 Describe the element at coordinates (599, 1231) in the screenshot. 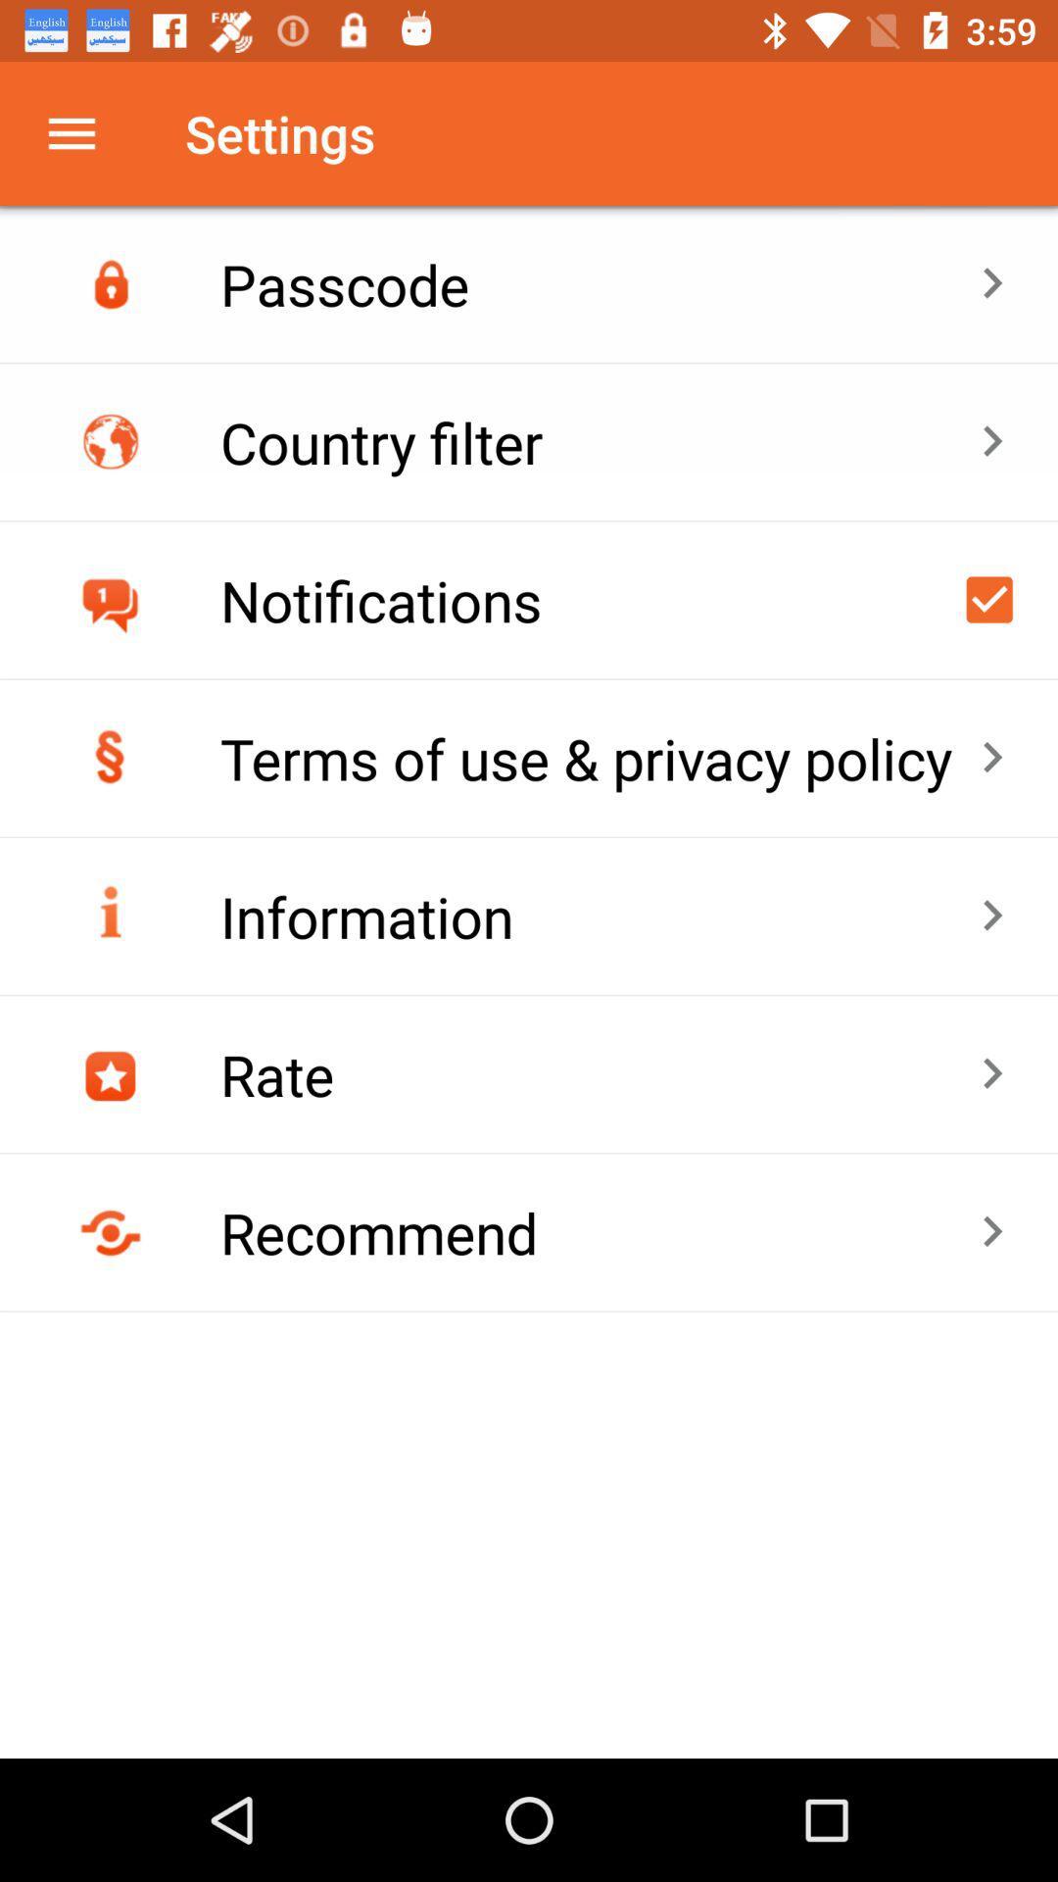

I see `recommend item` at that location.